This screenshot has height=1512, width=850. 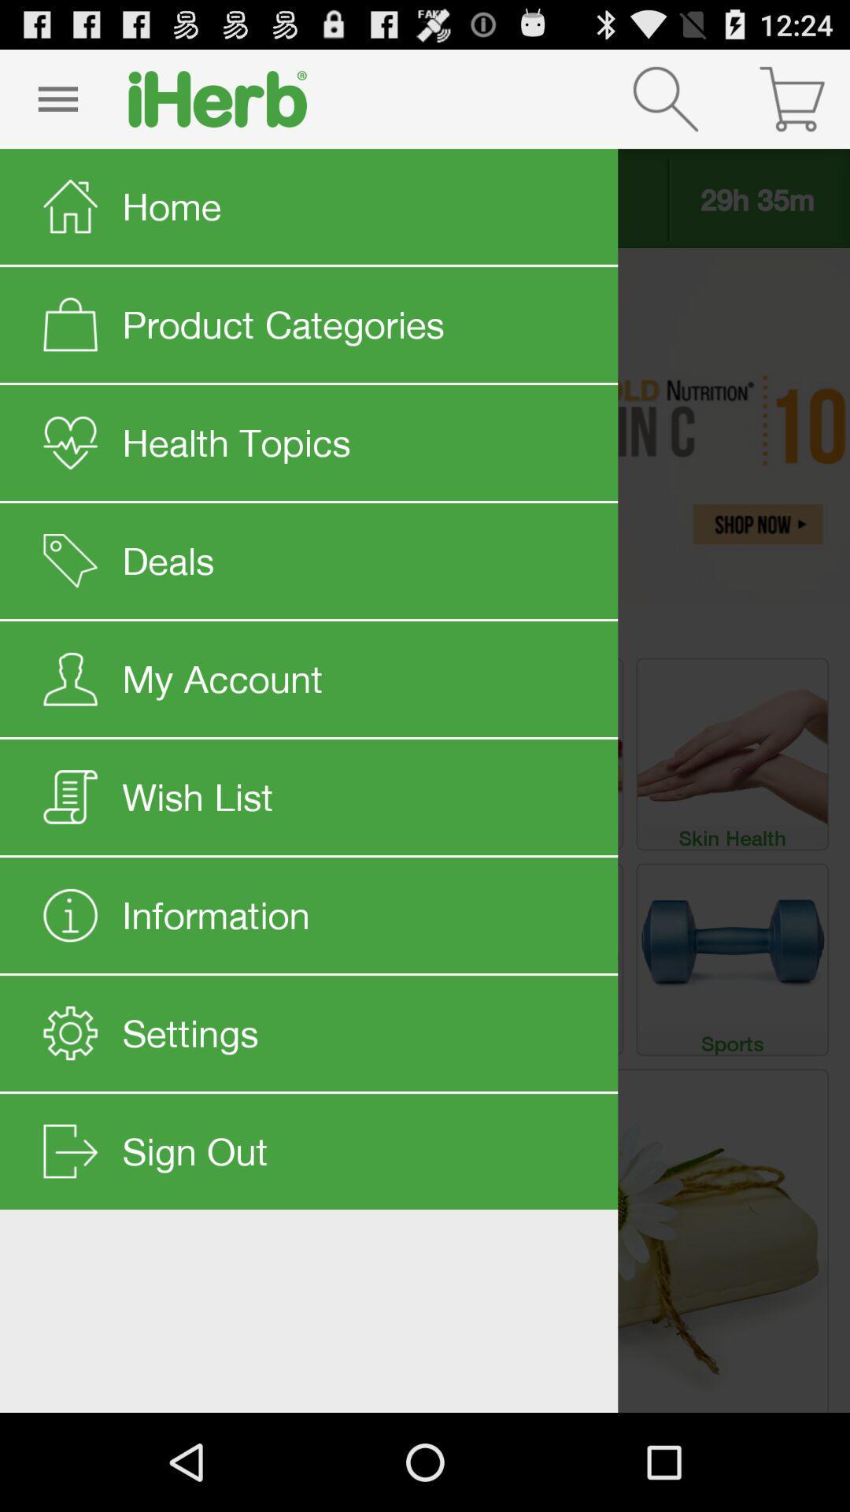 What do you see at coordinates (57, 105) in the screenshot?
I see `the menu icon` at bounding box center [57, 105].